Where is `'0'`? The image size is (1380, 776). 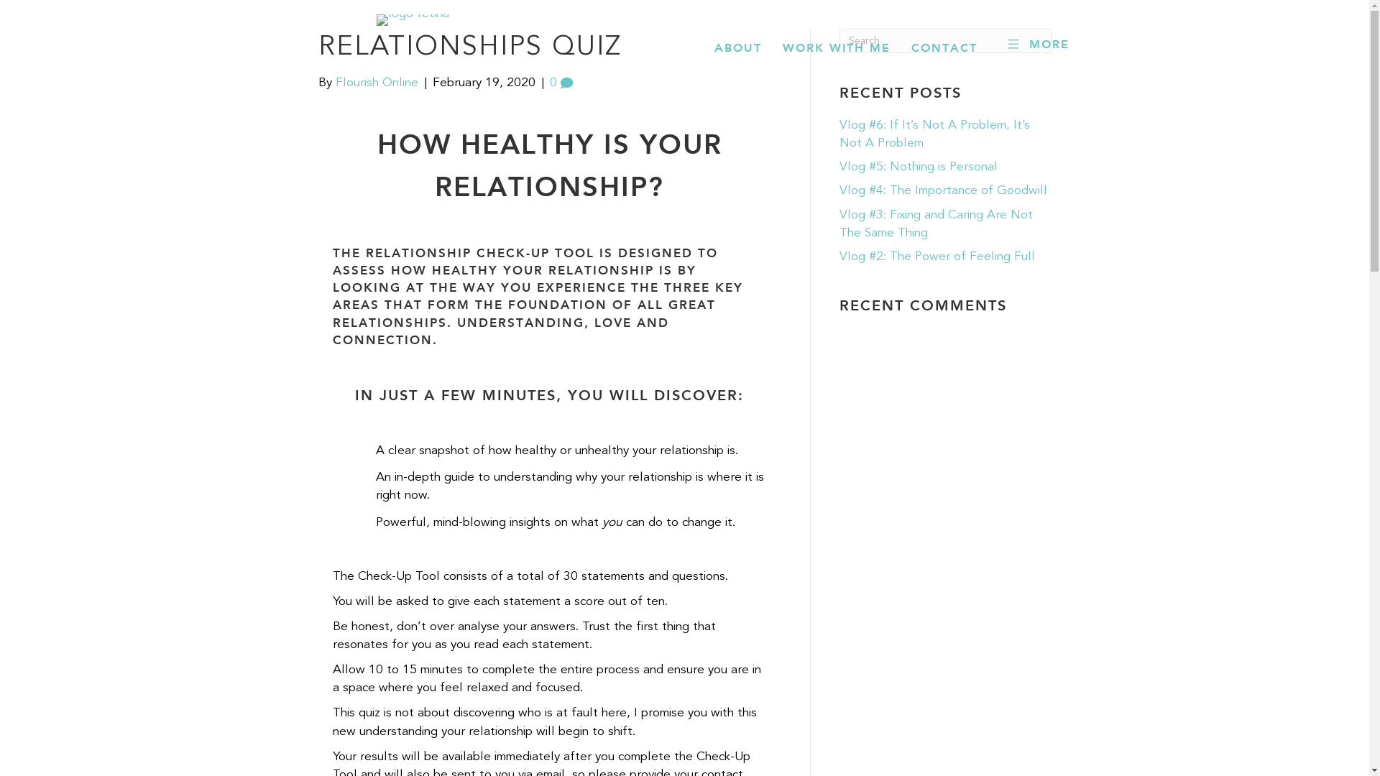
'0' is located at coordinates (559, 83).